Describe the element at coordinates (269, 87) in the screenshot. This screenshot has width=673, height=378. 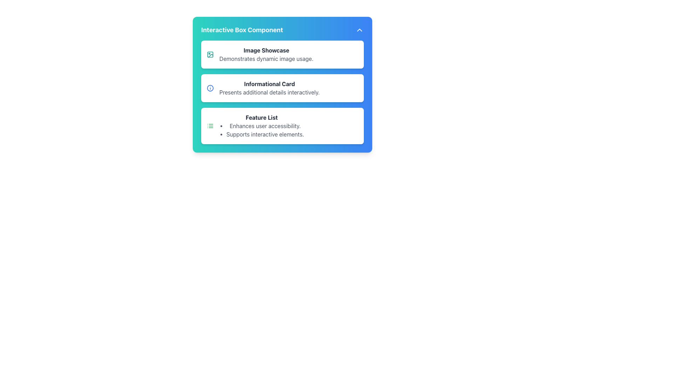
I see `the Label or Description component that provides a heading and description about an informational card, located in the middle slot of the vertical arrangement` at that location.